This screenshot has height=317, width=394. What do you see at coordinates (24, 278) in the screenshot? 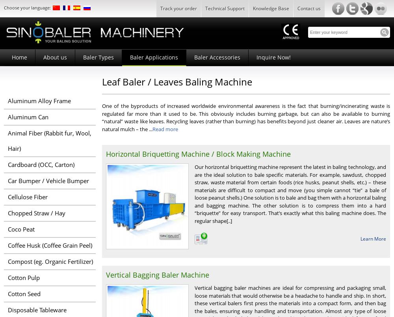
I see `'Cotton Pulp'` at bounding box center [24, 278].